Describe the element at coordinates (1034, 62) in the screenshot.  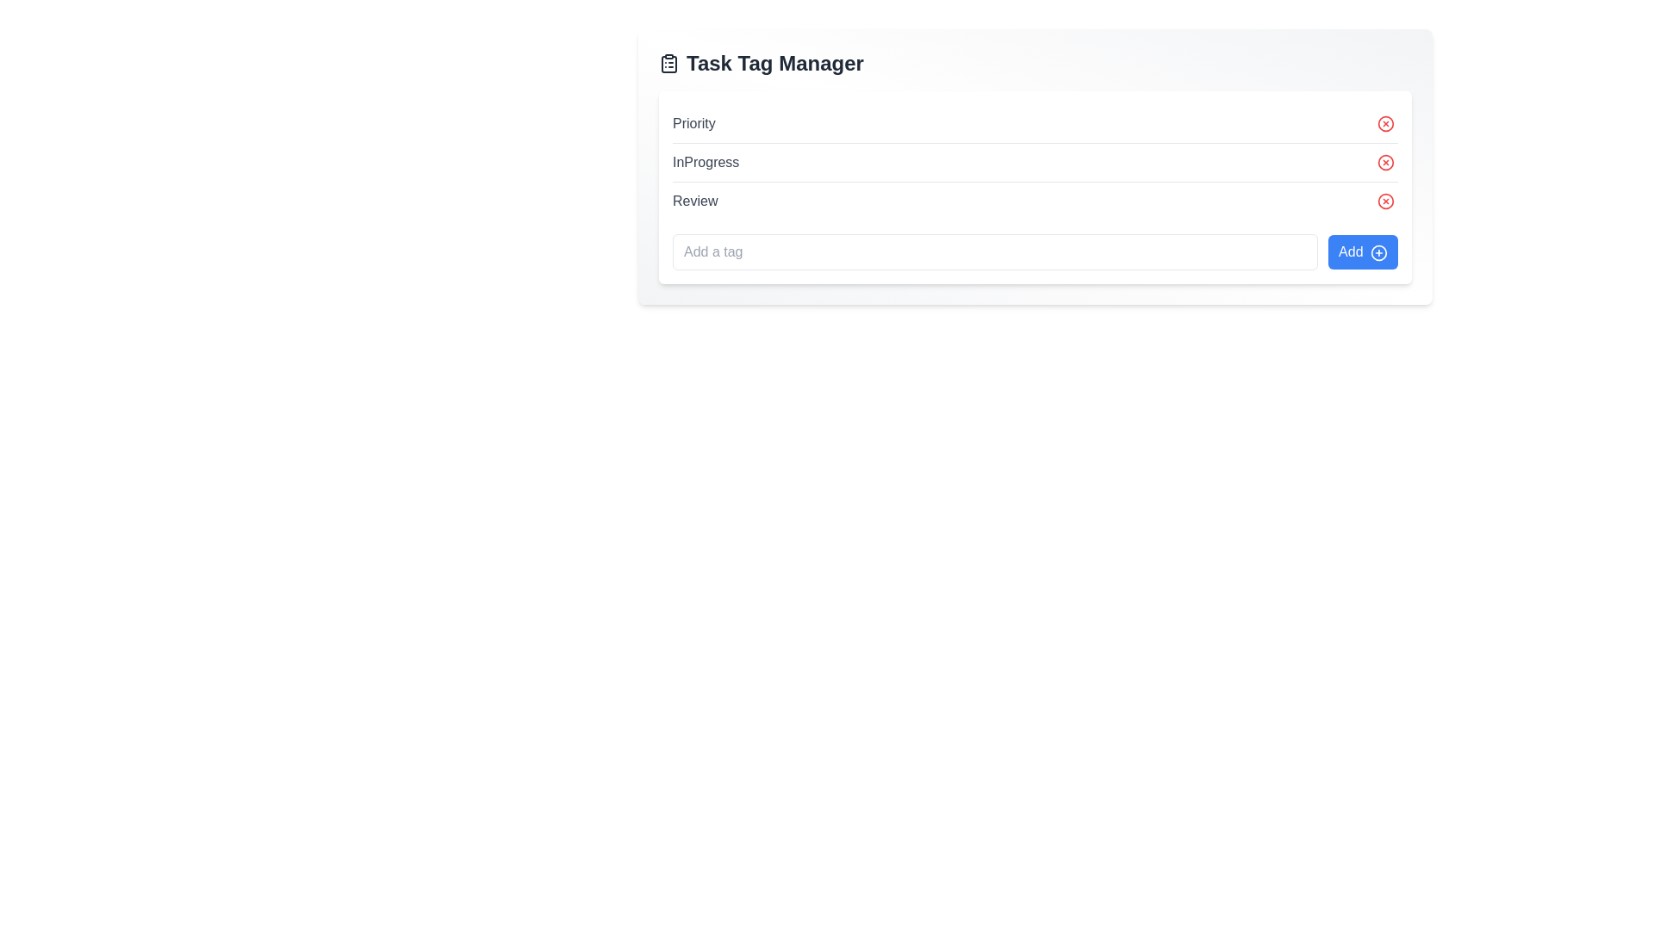
I see `the icon in the header of the task management interface, which serves as the title for the card and is located at the top of the card, above elements like 'Priority', 'InProgress', and 'Review'` at that location.